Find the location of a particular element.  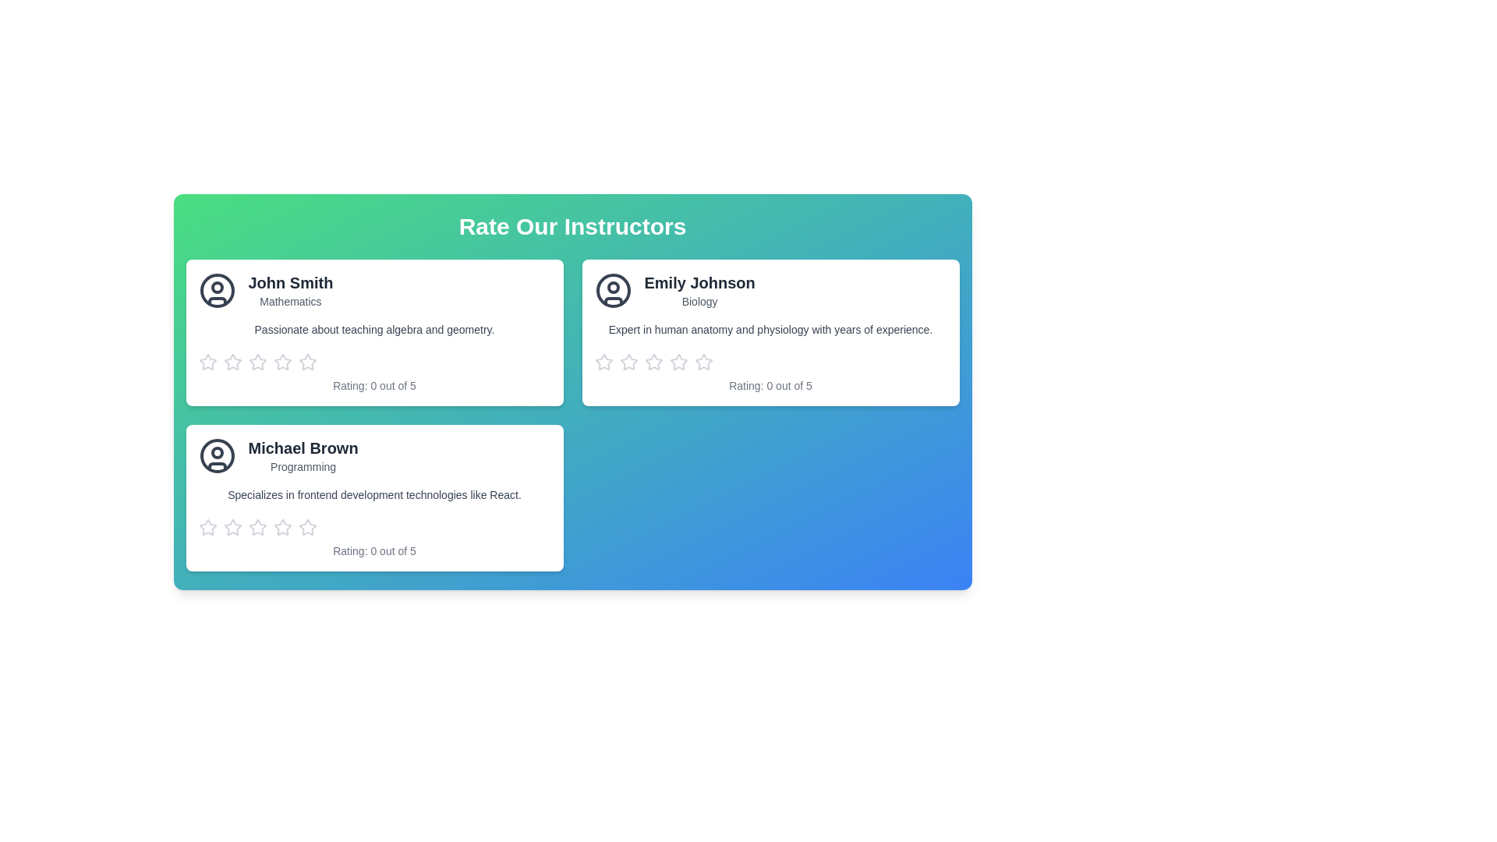

on the star in the interactive rating component below the instructor's description is located at coordinates (374, 363).